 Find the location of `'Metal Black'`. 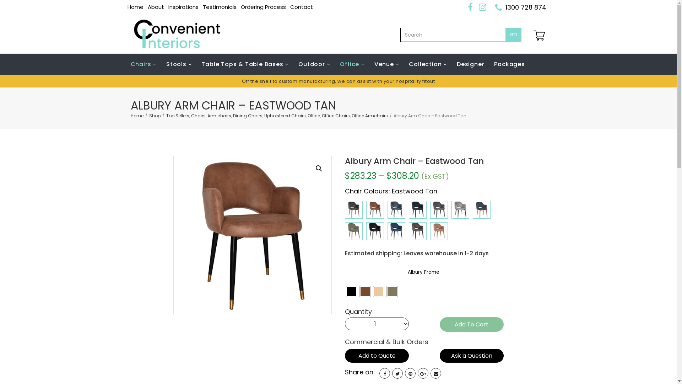

'Metal Black' is located at coordinates (346, 292).